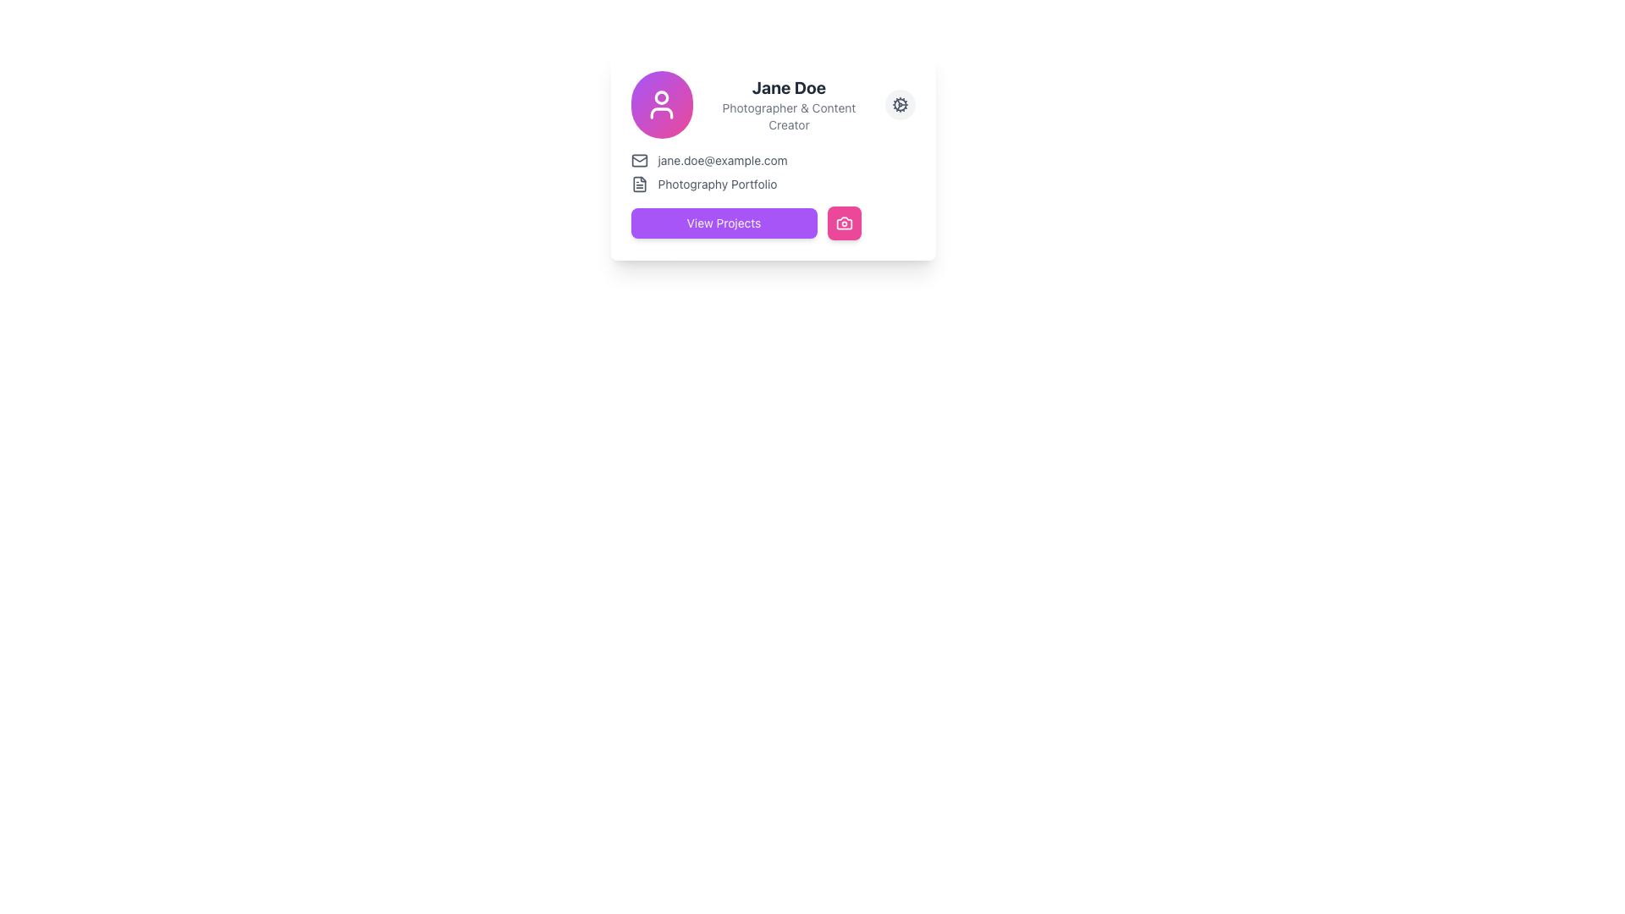 This screenshot has height=914, width=1625. What do you see at coordinates (772, 173) in the screenshot?
I see `the text label displaying the contact email and portfolio link, located centrally below the 'Jane Doe Photographer & Content Creator' section` at bounding box center [772, 173].